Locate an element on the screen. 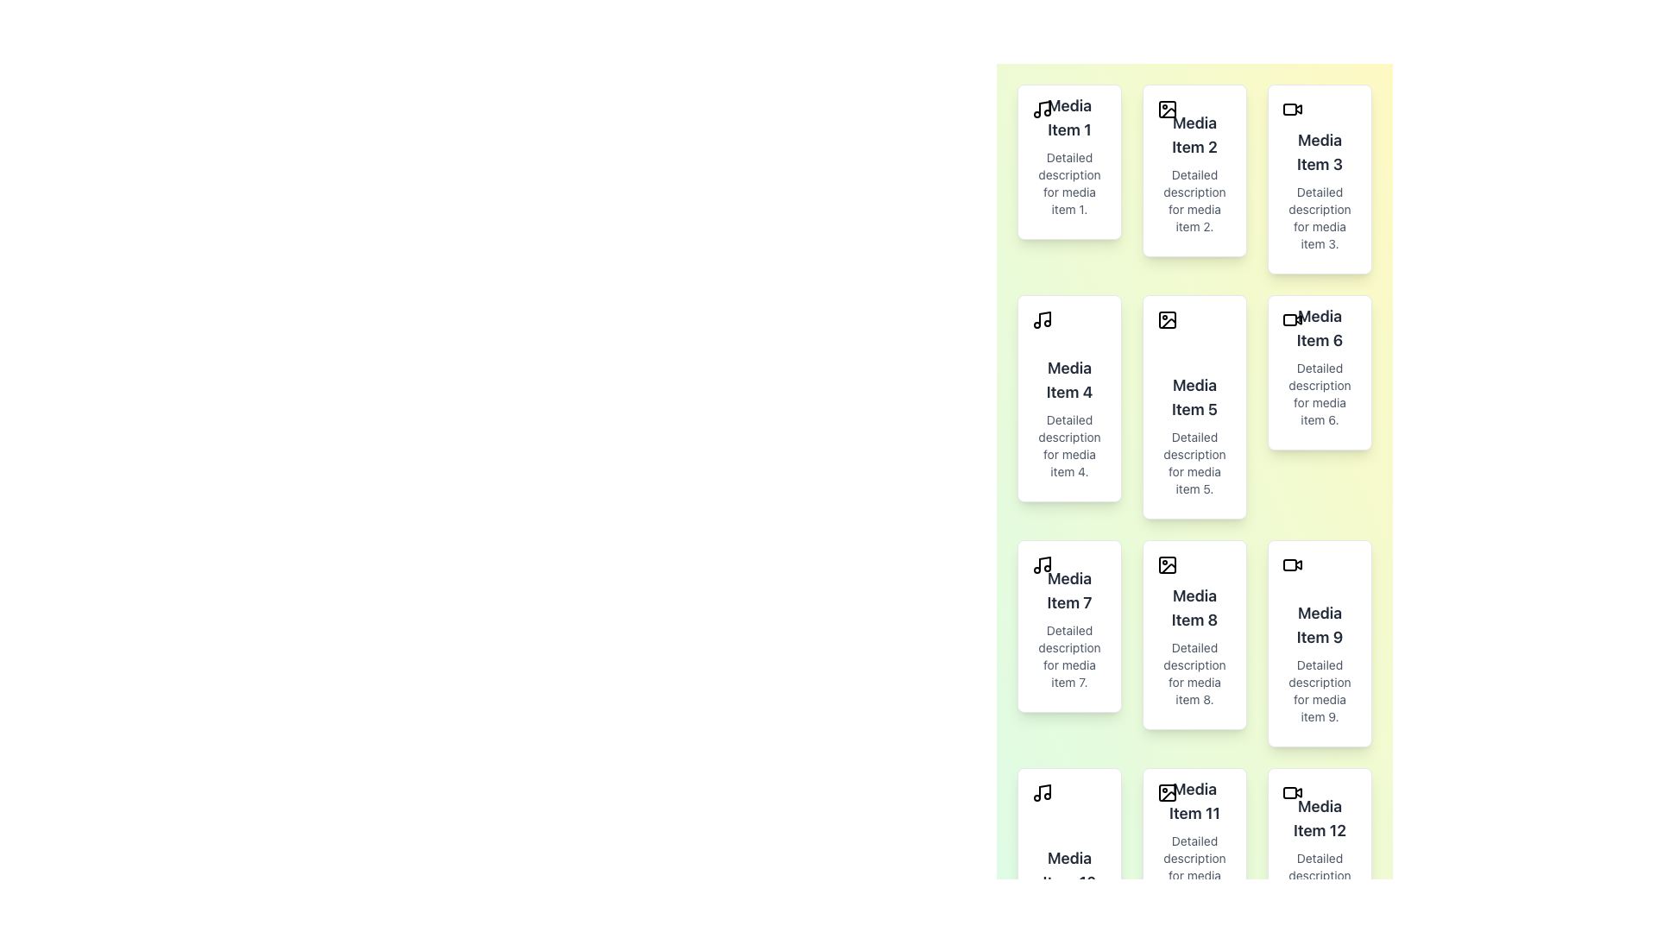 The height and width of the screenshot is (932, 1657). the video camera icon located at the top-left corner inside the 'Media Item 9' card, which has a minimalist, outlined design in black and white is located at coordinates (1292, 565).